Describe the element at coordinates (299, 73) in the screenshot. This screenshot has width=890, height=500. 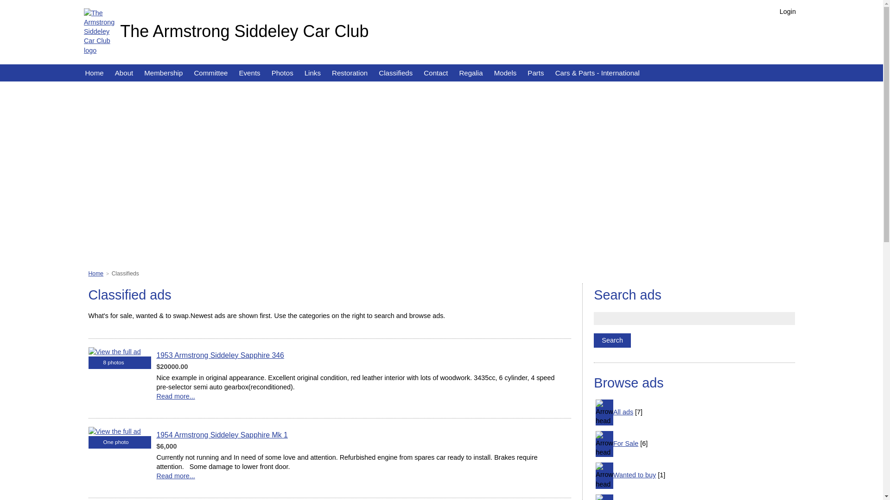
I see `'Links'` at that location.